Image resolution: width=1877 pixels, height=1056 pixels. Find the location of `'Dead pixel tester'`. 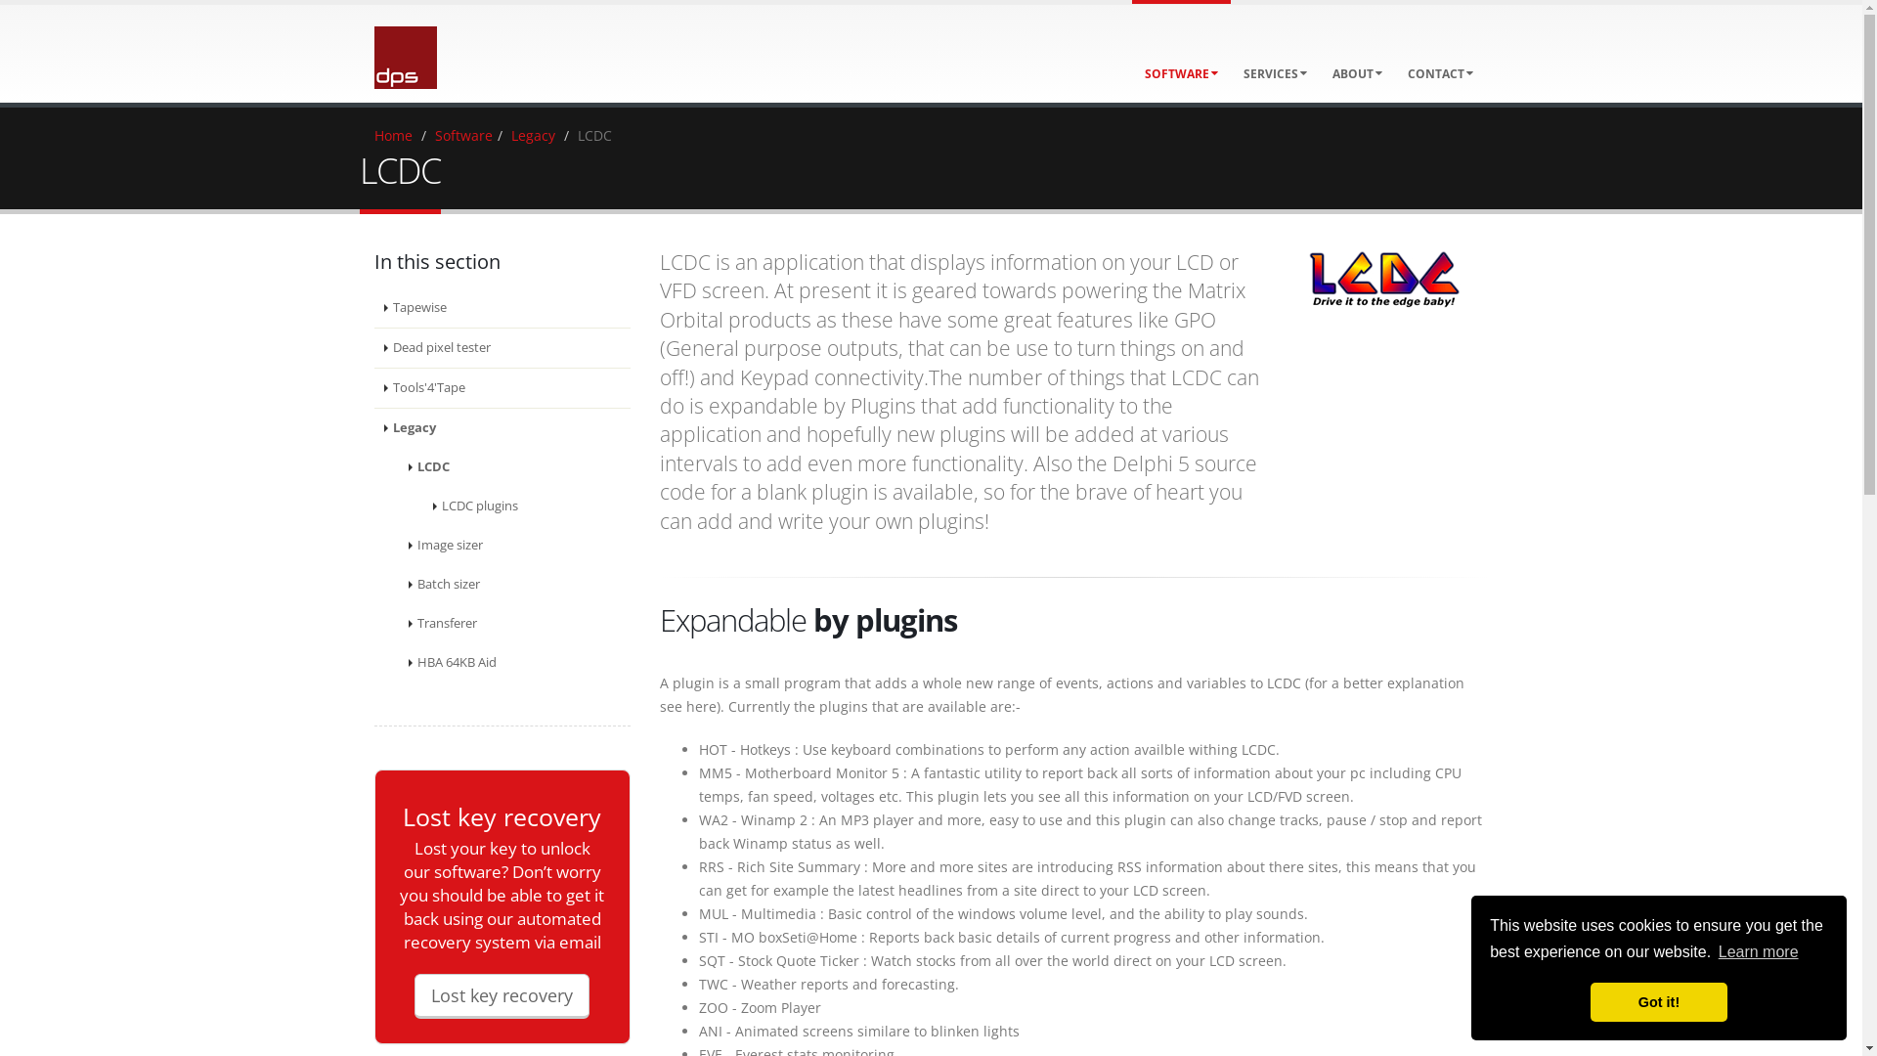

'Dead pixel tester' is located at coordinates (502, 347).